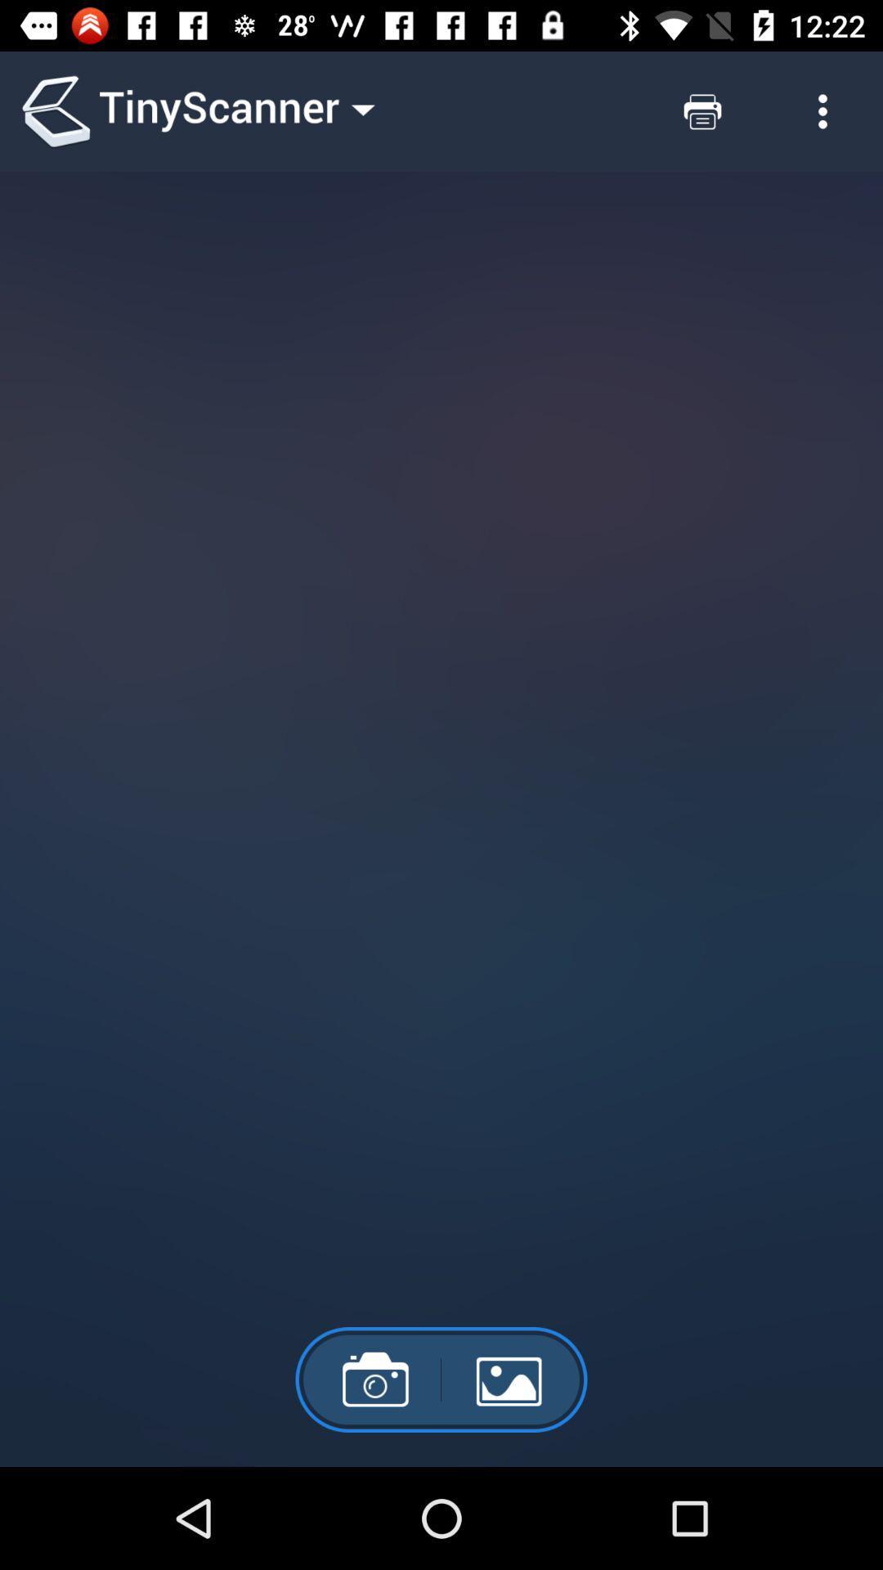  I want to click on the more icon, so click(822, 110).